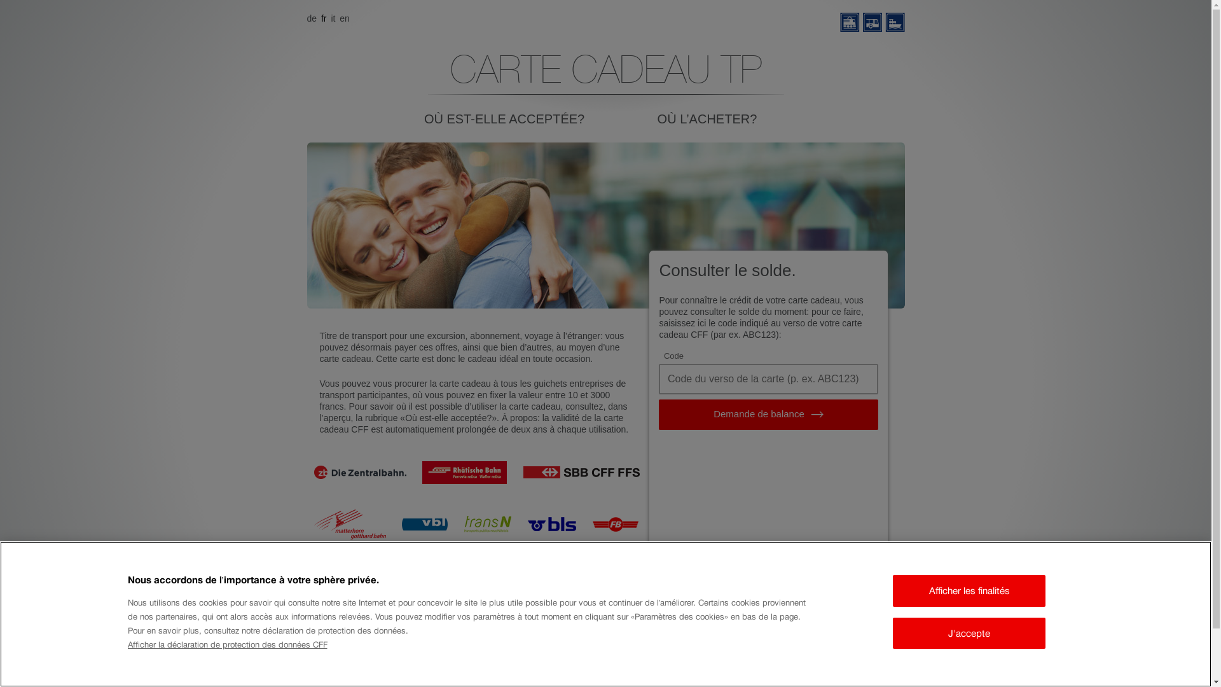 The width and height of the screenshot is (1221, 687). Describe the element at coordinates (345, 18) in the screenshot. I see `'en'` at that location.